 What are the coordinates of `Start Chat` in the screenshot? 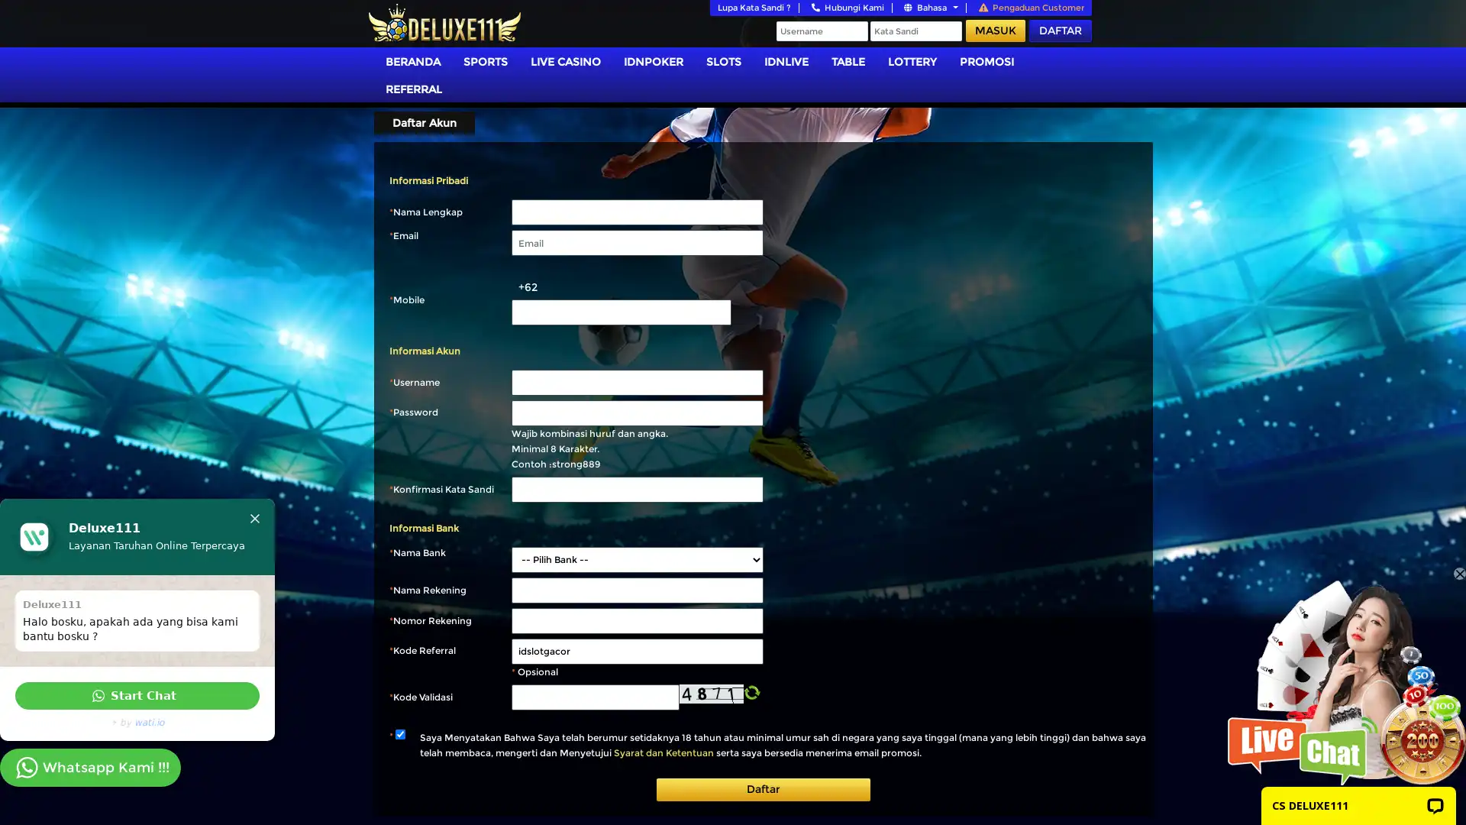 It's located at (137, 695).